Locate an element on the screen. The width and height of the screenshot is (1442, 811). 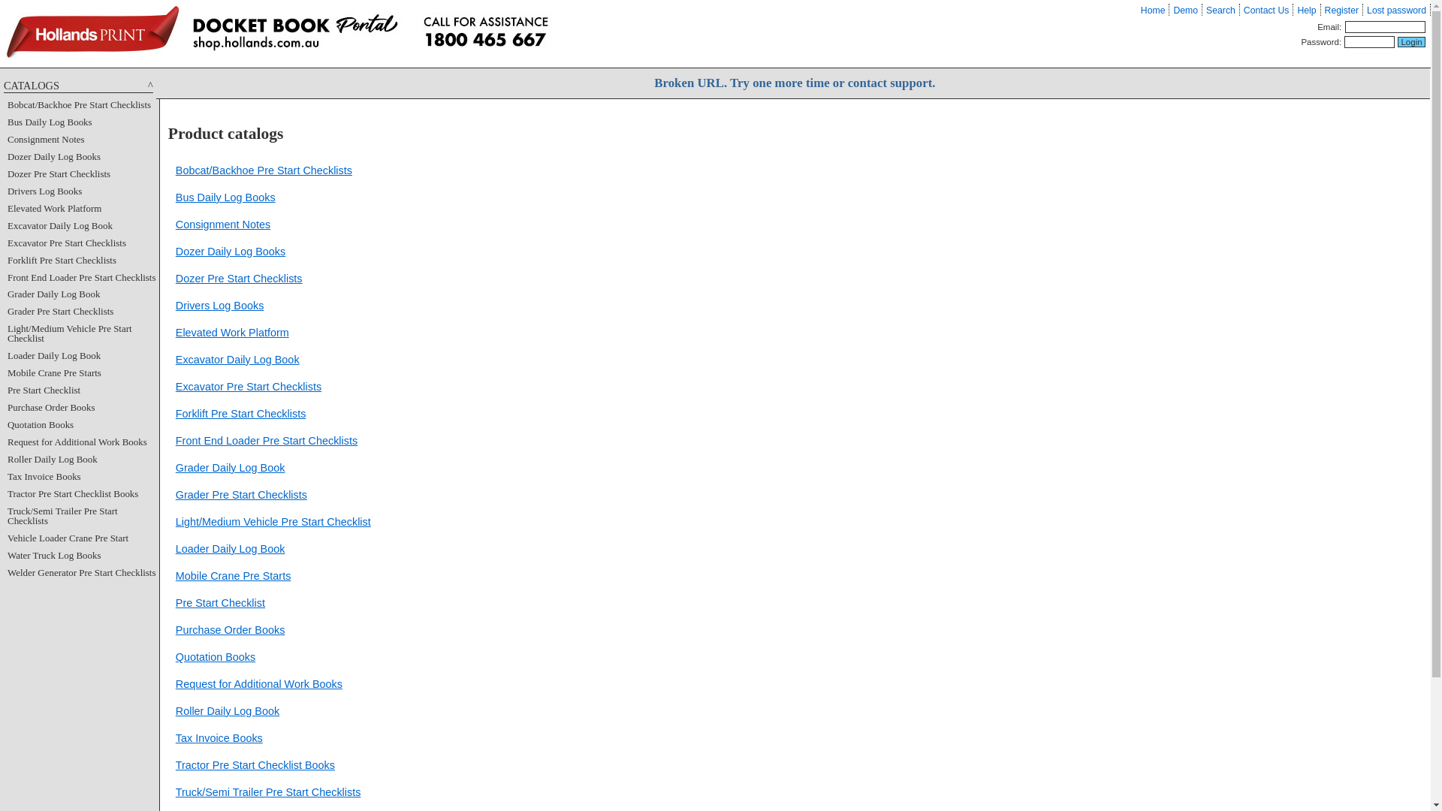
'Loader Daily Log Book' is located at coordinates (230, 549).